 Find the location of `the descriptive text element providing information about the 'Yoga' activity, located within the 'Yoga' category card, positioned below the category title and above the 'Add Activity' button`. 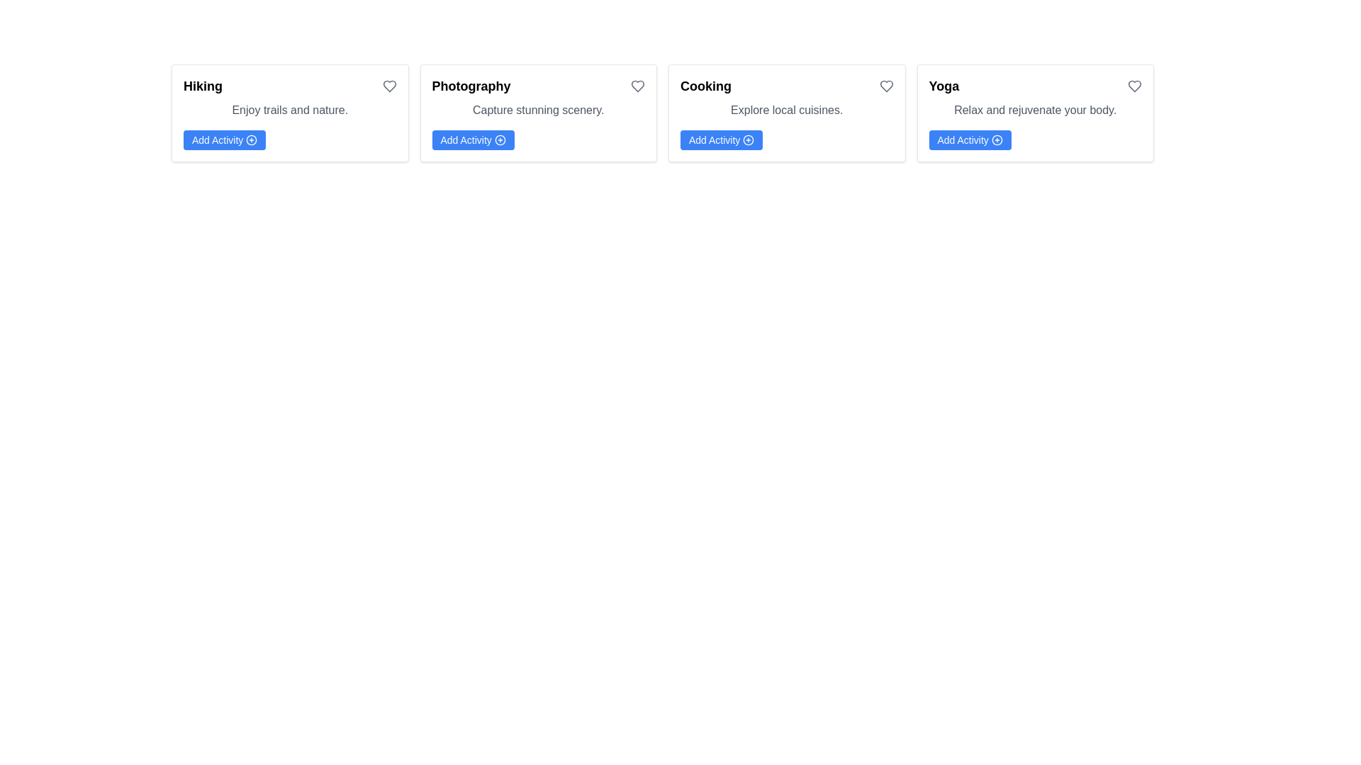

the descriptive text element providing information about the 'Yoga' activity, located within the 'Yoga' category card, positioned below the category title and above the 'Add Activity' button is located at coordinates (1035, 109).